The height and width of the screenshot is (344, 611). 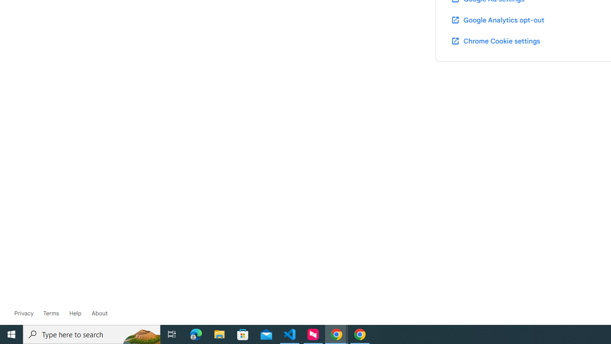 I want to click on 'Chrome Cookie settings', so click(x=495, y=40).